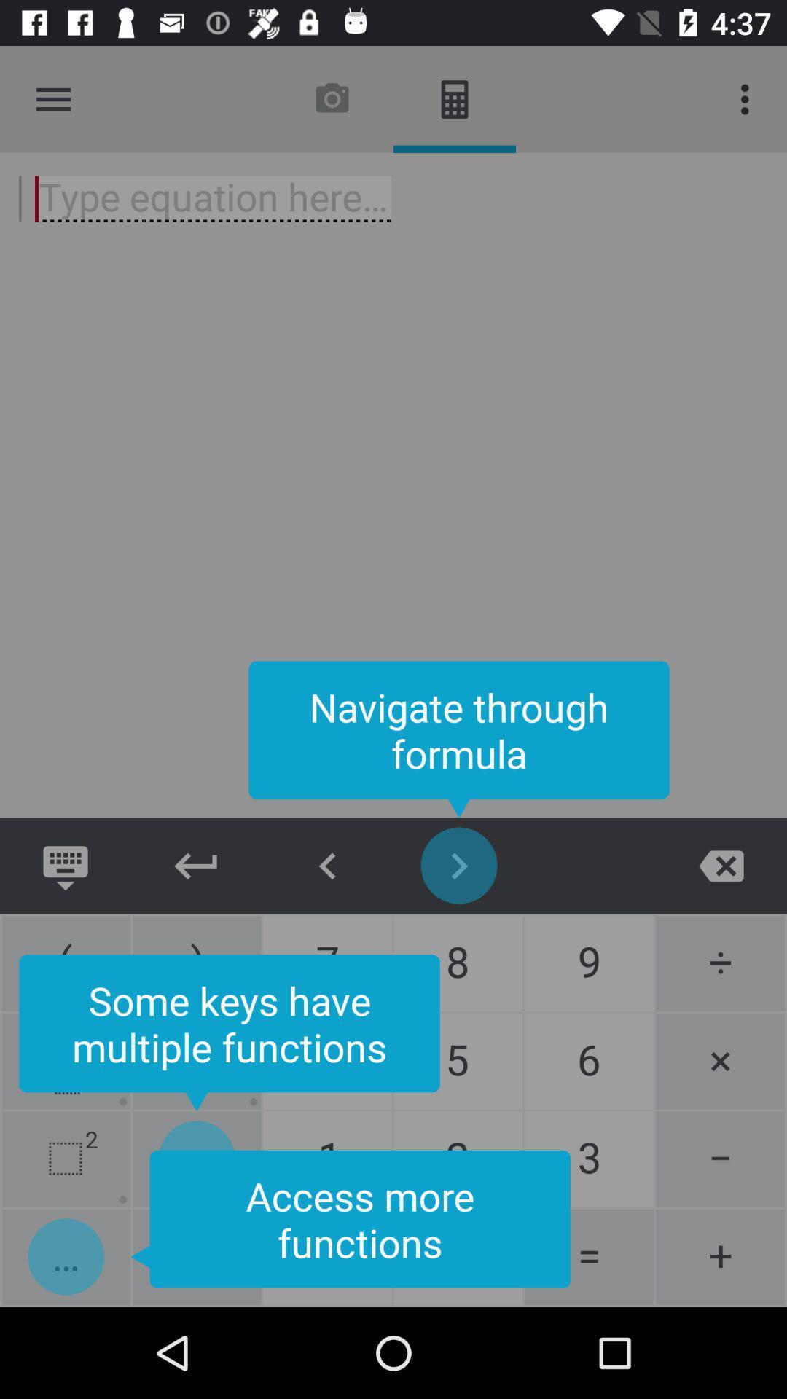 Image resolution: width=787 pixels, height=1399 pixels. Describe the element at coordinates (748, 98) in the screenshot. I see `item at the top right corner` at that location.